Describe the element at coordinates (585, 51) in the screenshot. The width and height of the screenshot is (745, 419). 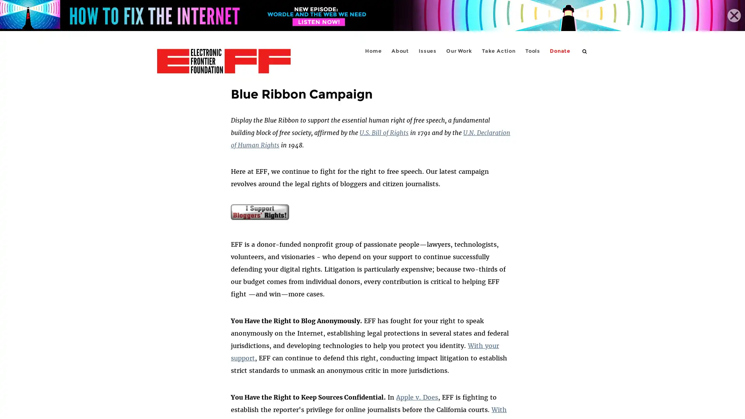
I see `search` at that location.